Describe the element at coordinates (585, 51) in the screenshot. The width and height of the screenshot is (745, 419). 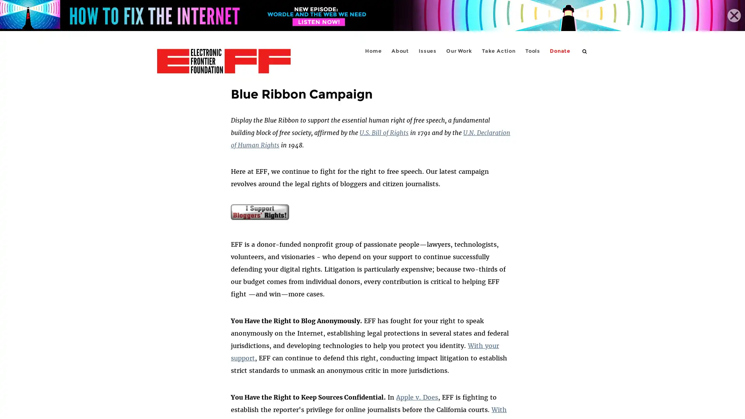
I see `search` at that location.